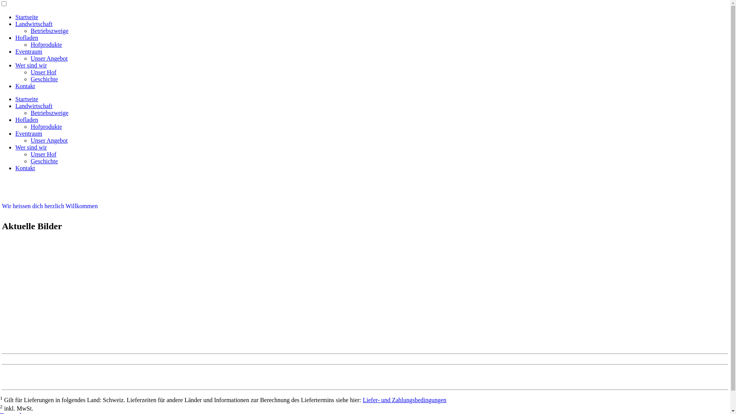  Describe the element at coordinates (27, 99) in the screenshot. I see `'Startseite'` at that location.